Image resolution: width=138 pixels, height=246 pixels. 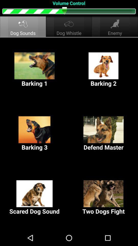 What do you see at coordinates (34, 197) in the screenshot?
I see `button below the barking 3` at bounding box center [34, 197].